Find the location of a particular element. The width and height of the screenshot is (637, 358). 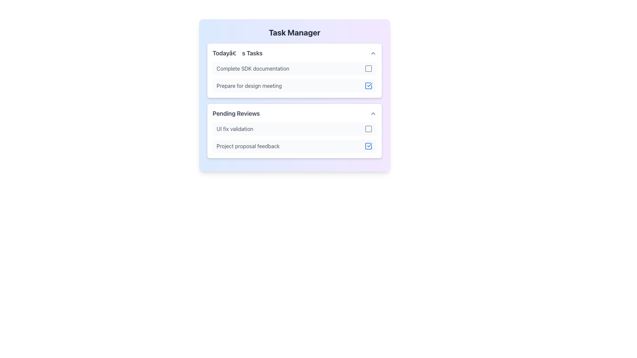

the title text element at the top-center of the task management card, which indicates the content or functionality related to the system is located at coordinates (294, 32).